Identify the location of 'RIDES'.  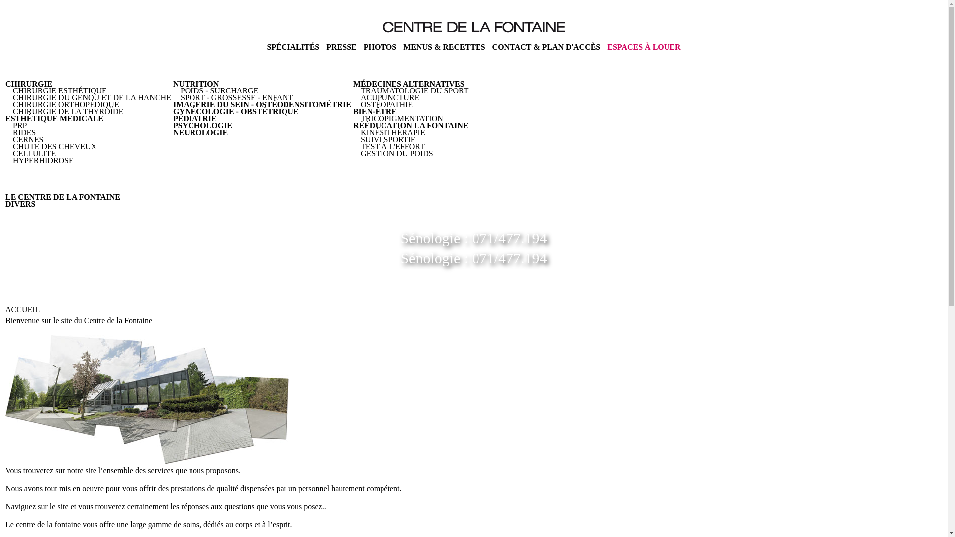
(24, 132).